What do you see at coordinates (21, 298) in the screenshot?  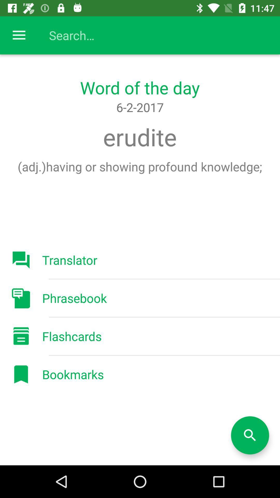 I see `the button phrasebook` at bounding box center [21, 298].